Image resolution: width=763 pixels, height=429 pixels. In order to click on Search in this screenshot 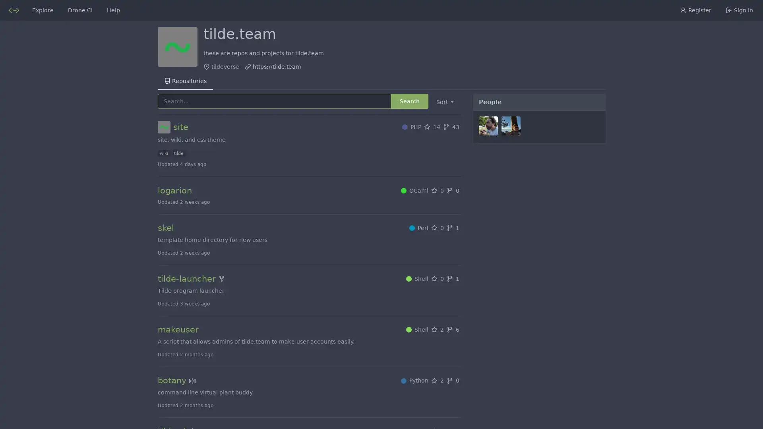, I will do `click(409, 100)`.